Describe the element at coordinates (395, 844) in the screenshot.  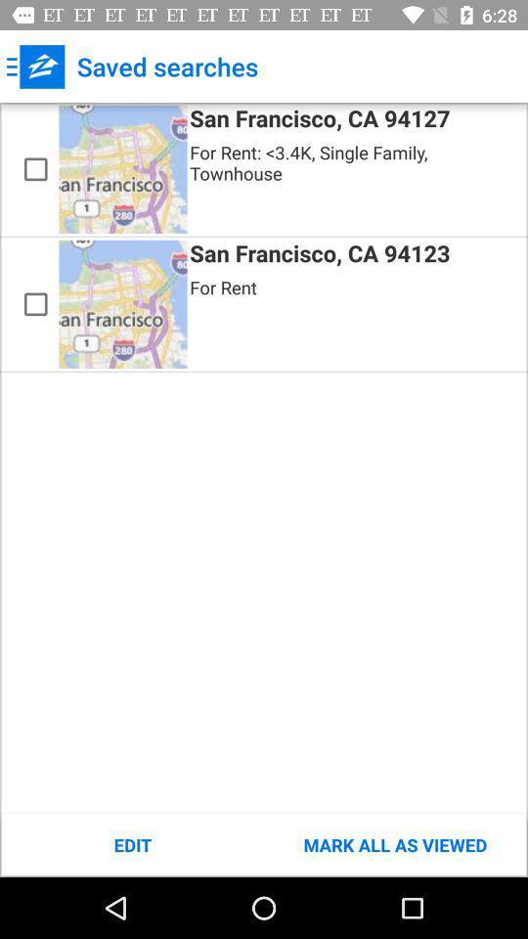
I see `the icon to the right of edit` at that location.